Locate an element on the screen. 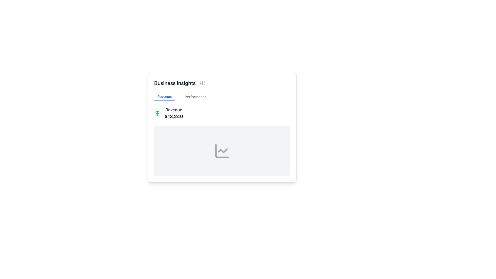  the 'Revenue' navigation label, which is styled with a blue font color, bold typeface, and an underline, located within the 'Business Insights' card is located at coordinates (164, 97).